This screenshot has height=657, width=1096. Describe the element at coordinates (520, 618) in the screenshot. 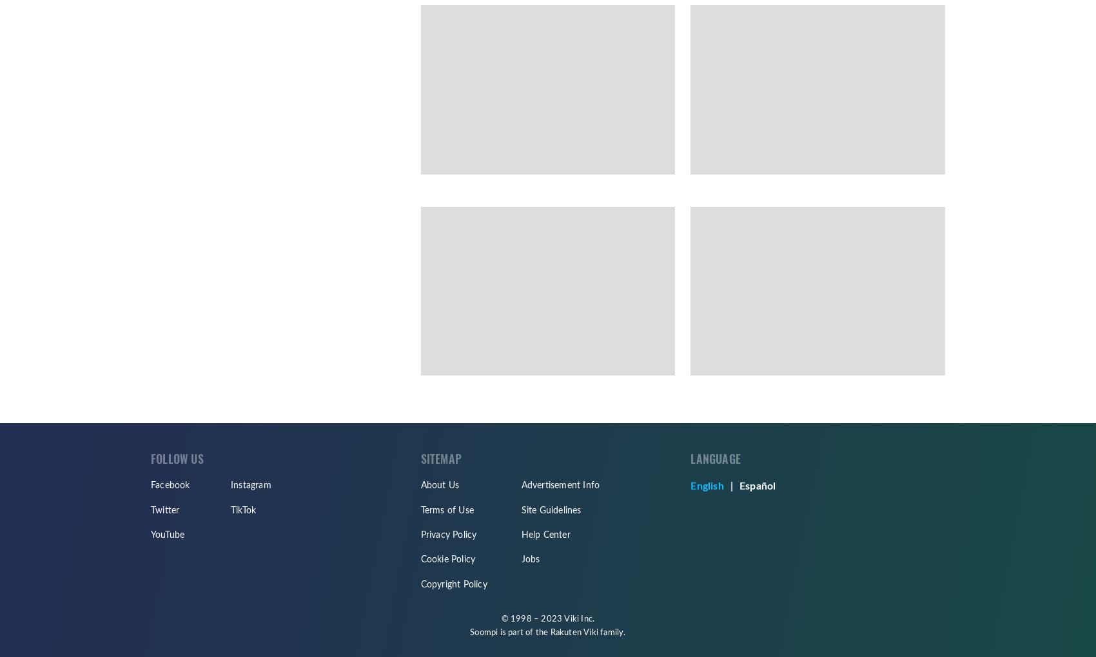

I see `'© 1998 –'` at that location.